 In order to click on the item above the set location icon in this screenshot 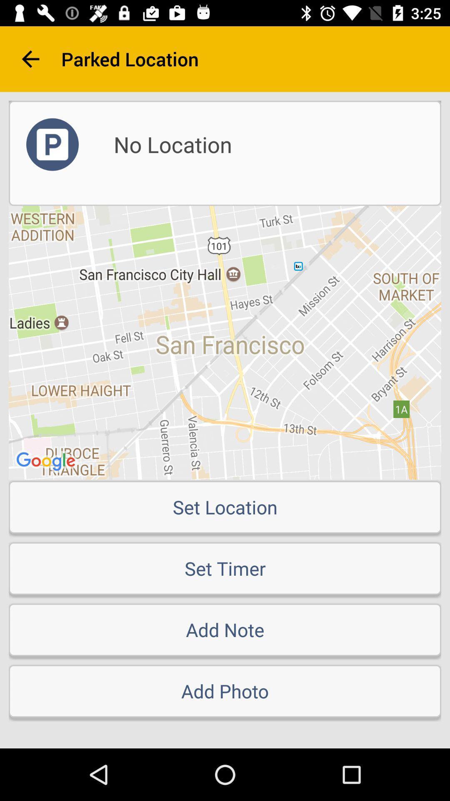, I will do `click(225, 343)`.